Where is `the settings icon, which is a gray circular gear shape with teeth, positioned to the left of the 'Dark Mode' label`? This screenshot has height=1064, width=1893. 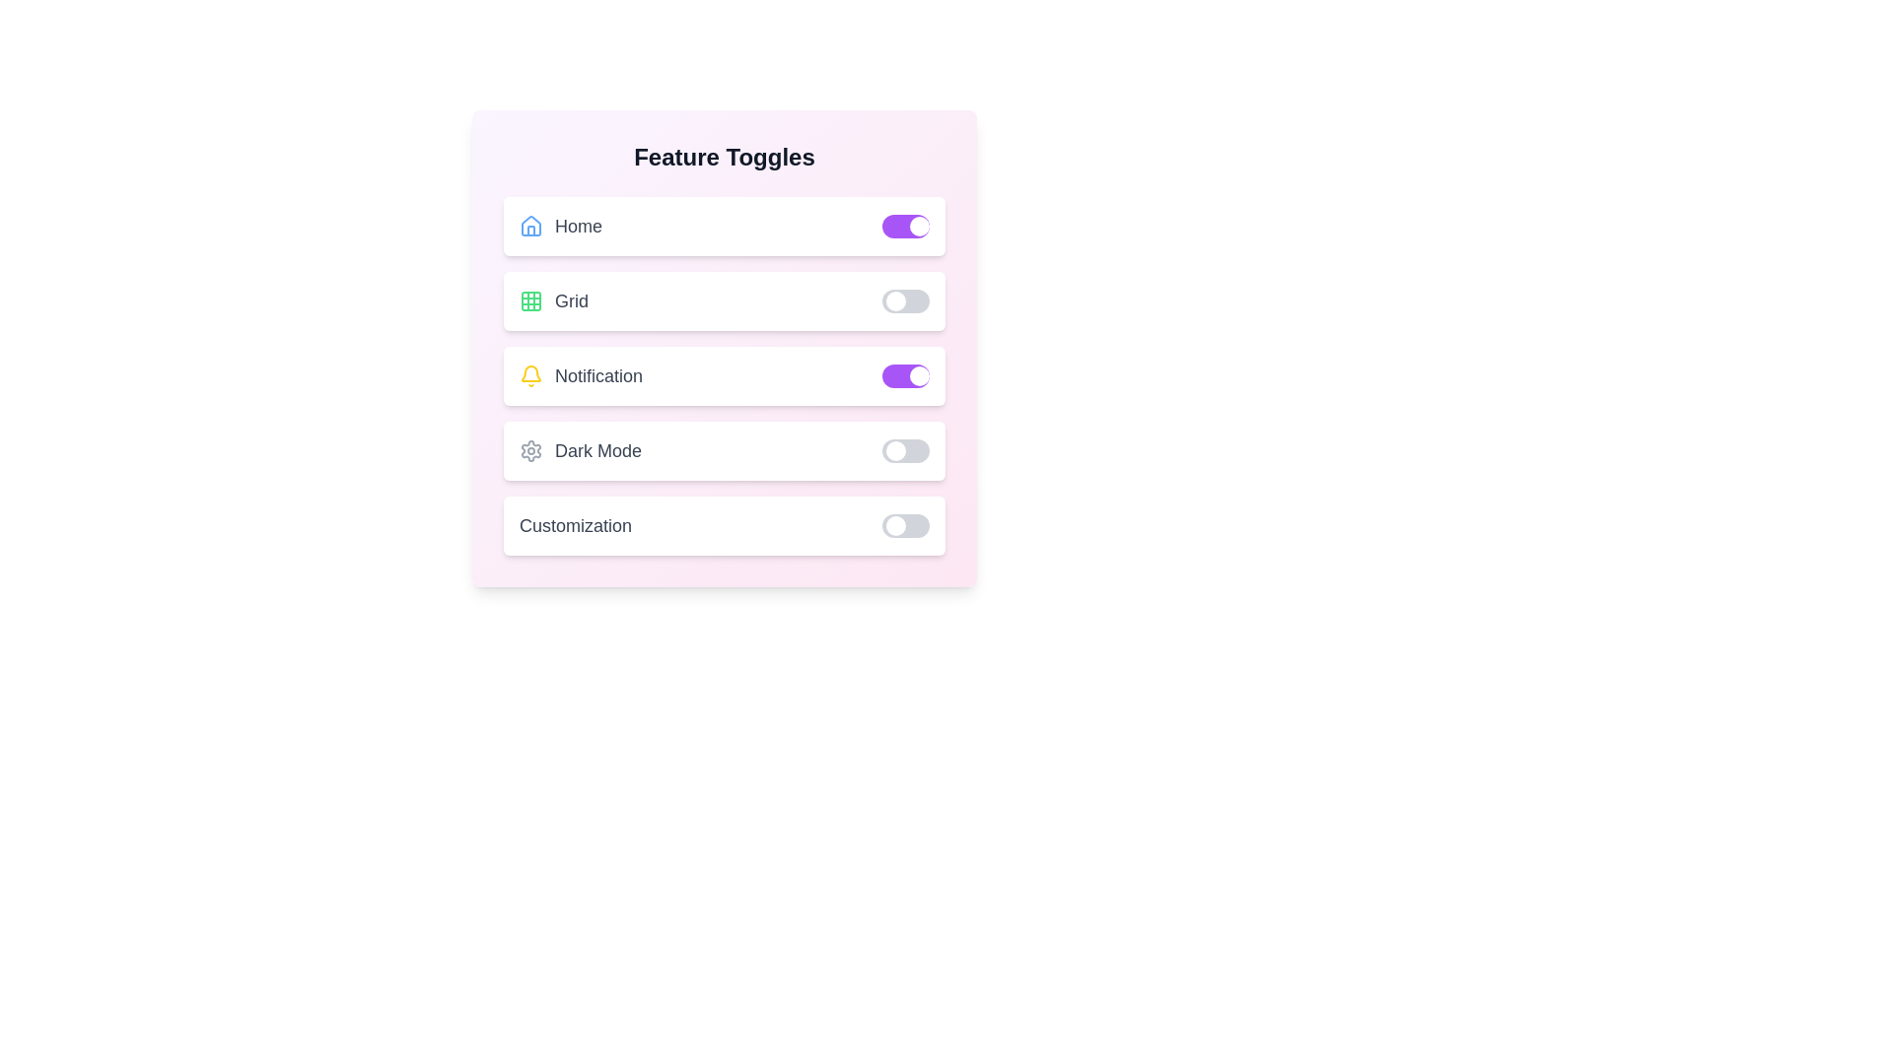
the settings icon, which is a gray circular gear shape with teeth, positioned to the left of the 'Dark Mode' label is located at coordinates (530, 451).